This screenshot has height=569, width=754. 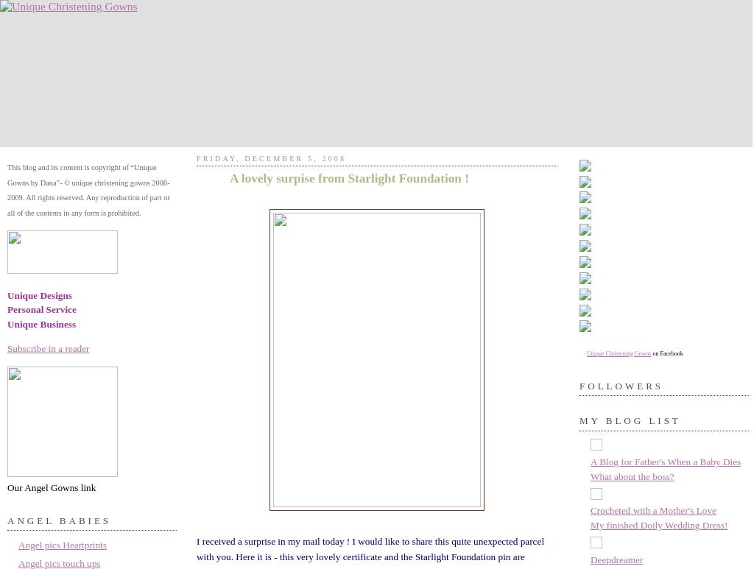 I want to click on 'Deepdreamer', so click(x=616, y=559).